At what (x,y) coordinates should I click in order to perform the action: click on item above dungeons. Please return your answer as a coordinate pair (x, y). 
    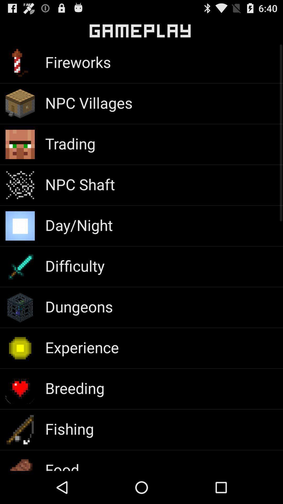
    Looking at the image, I should click on (75, 266).